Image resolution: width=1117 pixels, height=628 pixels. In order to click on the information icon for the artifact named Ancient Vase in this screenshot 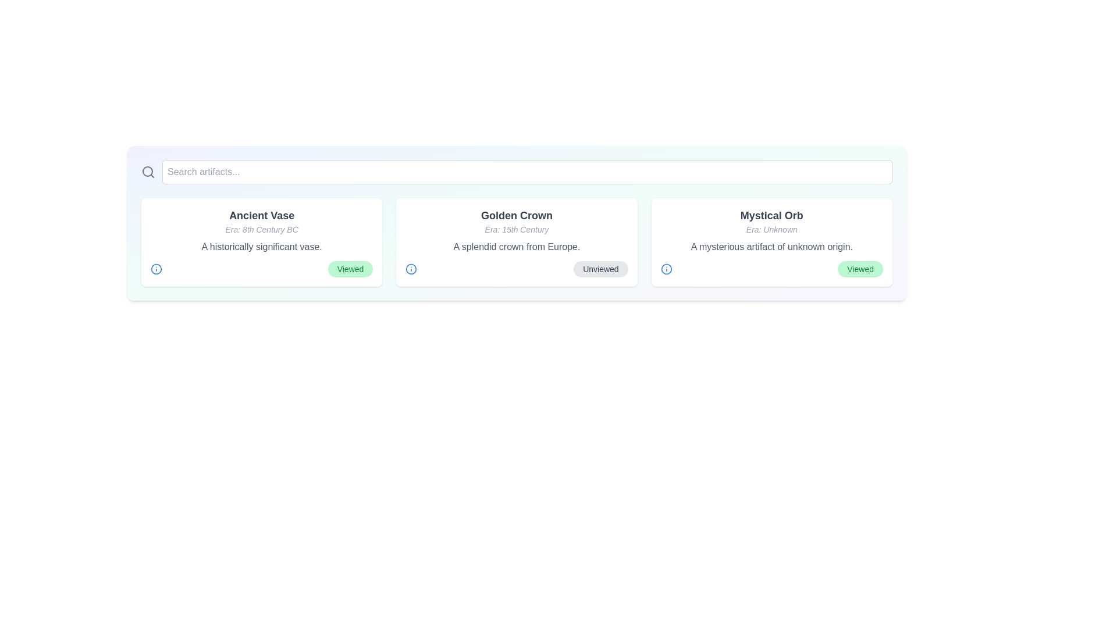, I will do `click(155, 269)`.